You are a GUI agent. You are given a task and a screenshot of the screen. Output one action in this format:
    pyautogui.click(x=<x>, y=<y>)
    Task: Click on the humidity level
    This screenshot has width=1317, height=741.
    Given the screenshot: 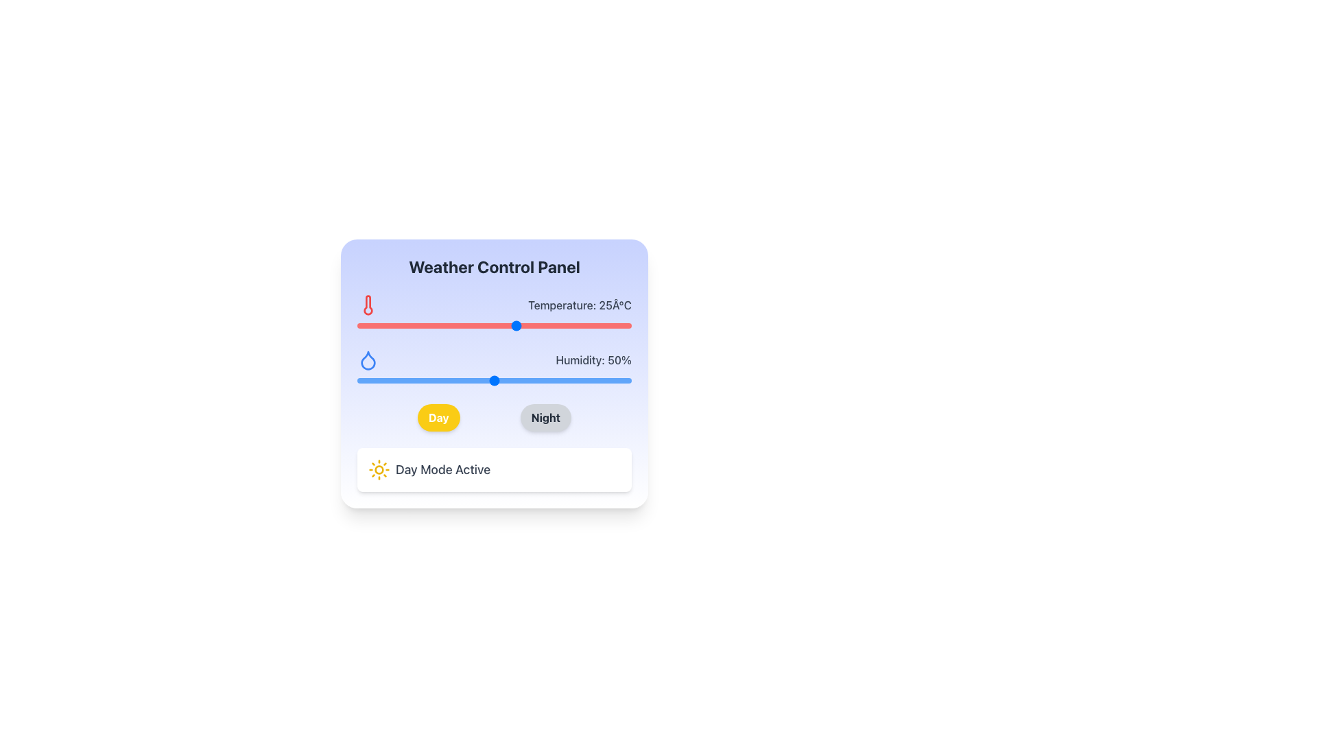 What is the action you would take?
    pyautogui.click(x=608, y=381)
    